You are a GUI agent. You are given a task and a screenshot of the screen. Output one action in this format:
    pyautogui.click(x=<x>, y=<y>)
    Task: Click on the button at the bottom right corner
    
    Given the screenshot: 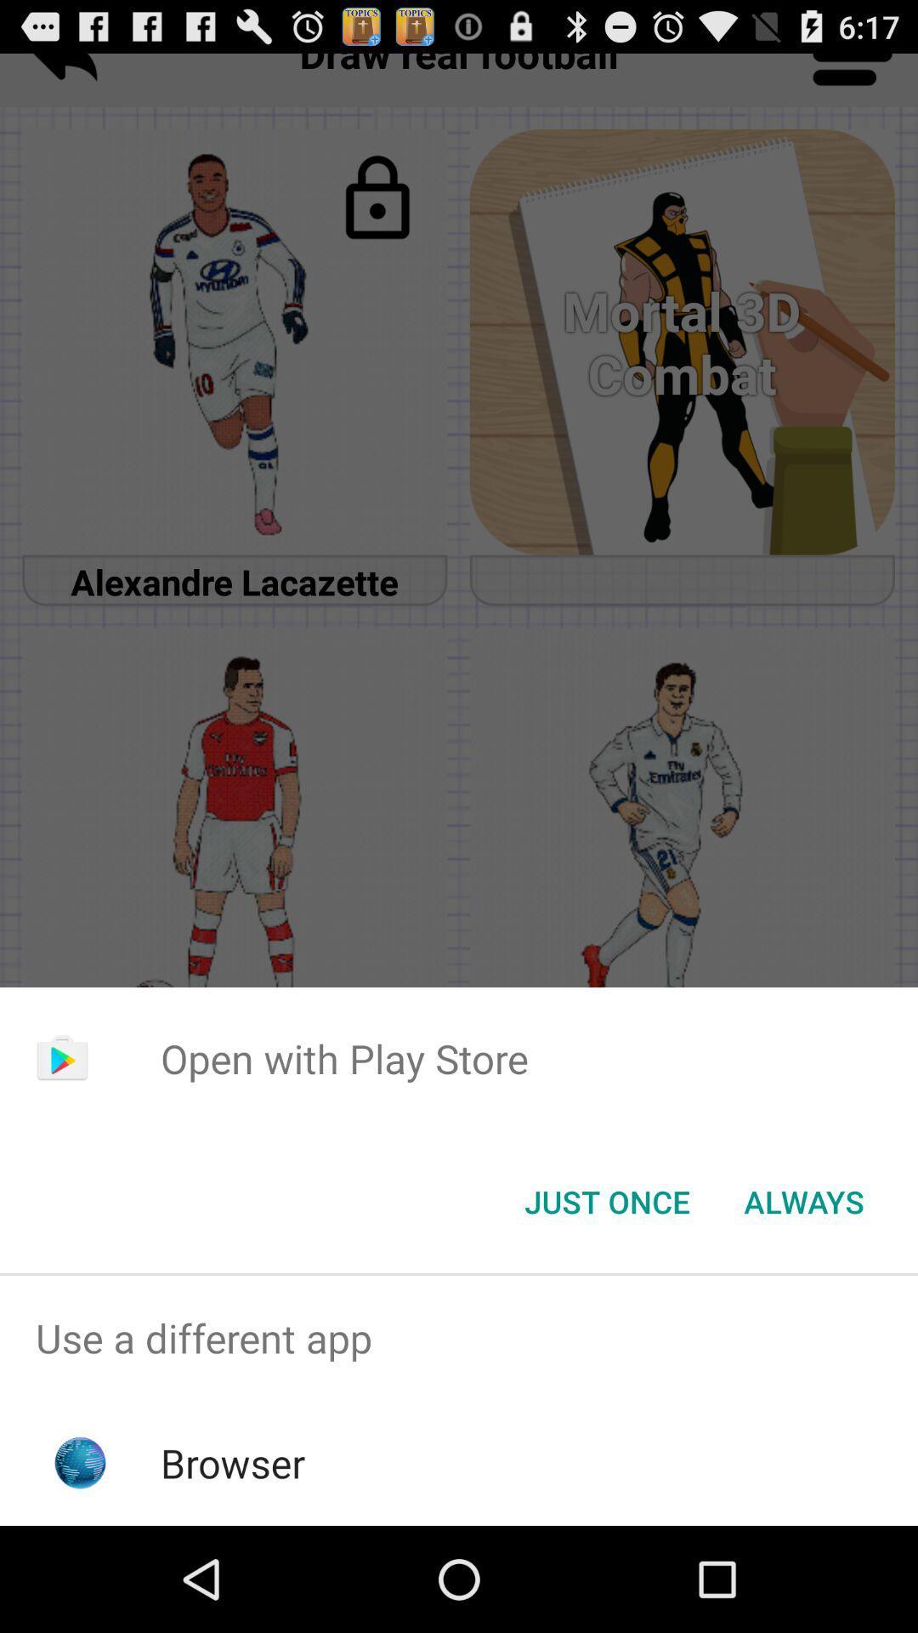 What is the action you would take?
    pyautogui.click(x=803, y=1200)
    